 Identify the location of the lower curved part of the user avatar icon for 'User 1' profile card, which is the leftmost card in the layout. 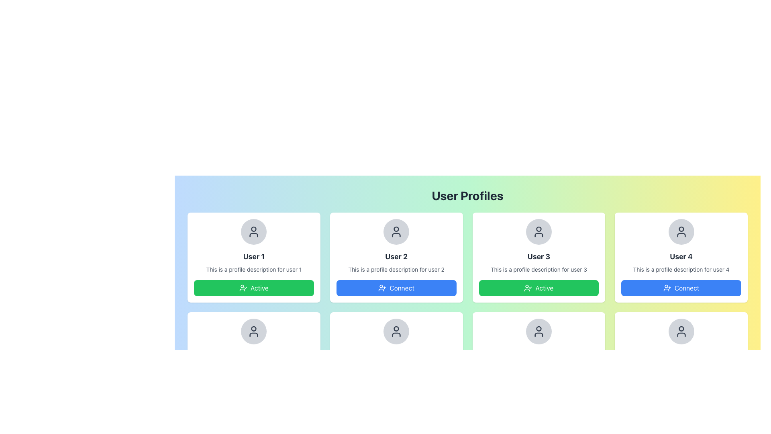
(253, 235).